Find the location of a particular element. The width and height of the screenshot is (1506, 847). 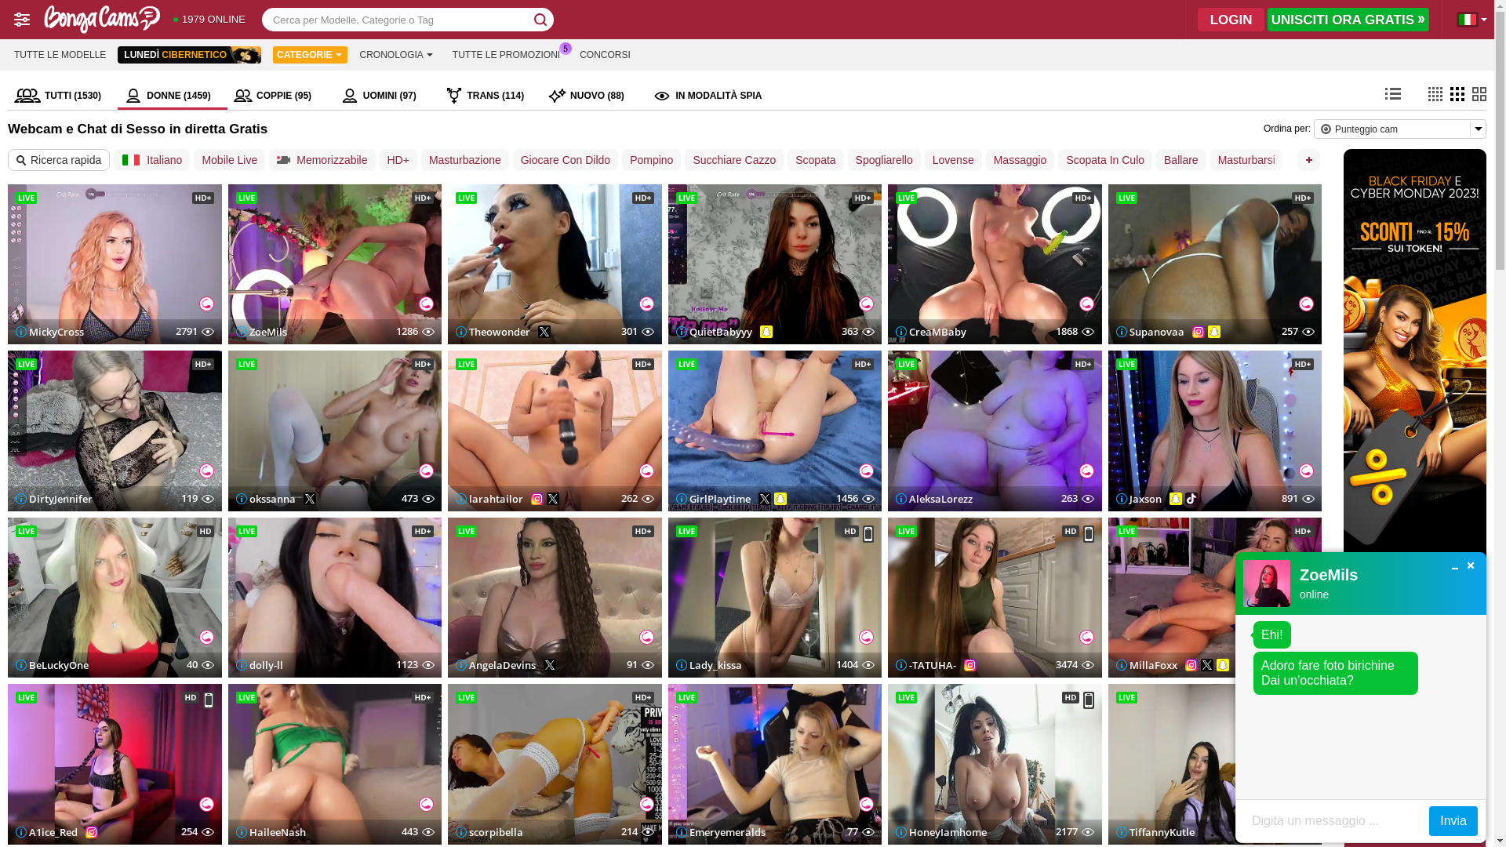

'TUTTE LE PROMOZIONI' is located at coordinates (506, 53).